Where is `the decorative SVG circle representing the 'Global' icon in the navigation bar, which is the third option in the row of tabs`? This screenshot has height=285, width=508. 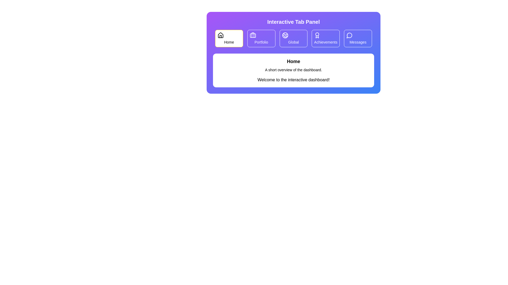
the decorative SVG circle representing the 'Global' icon in the navigation bar, which is the third option in the row of tabs is located at coordinates (285, 35).